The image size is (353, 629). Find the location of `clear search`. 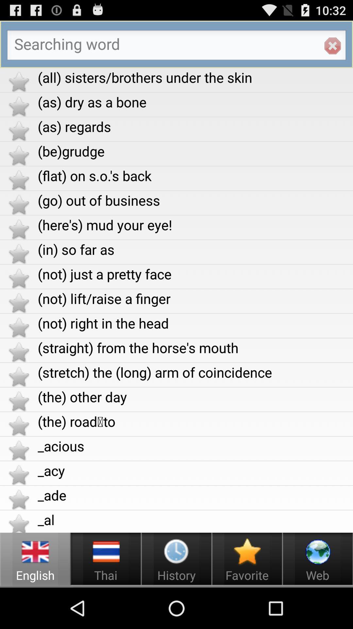

clear search is located at coordinates (332, 46).